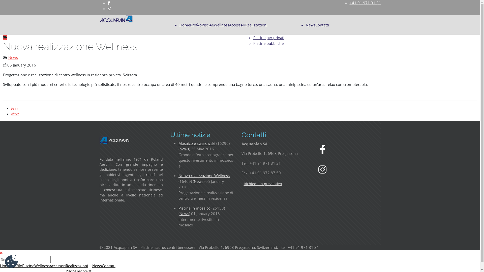 This screenshot has width=484, height=272. What do you see at coordinates (194, 208) in the screenshot?
I see `'Piscina in mosaico'` at bounding box center [194, 208].